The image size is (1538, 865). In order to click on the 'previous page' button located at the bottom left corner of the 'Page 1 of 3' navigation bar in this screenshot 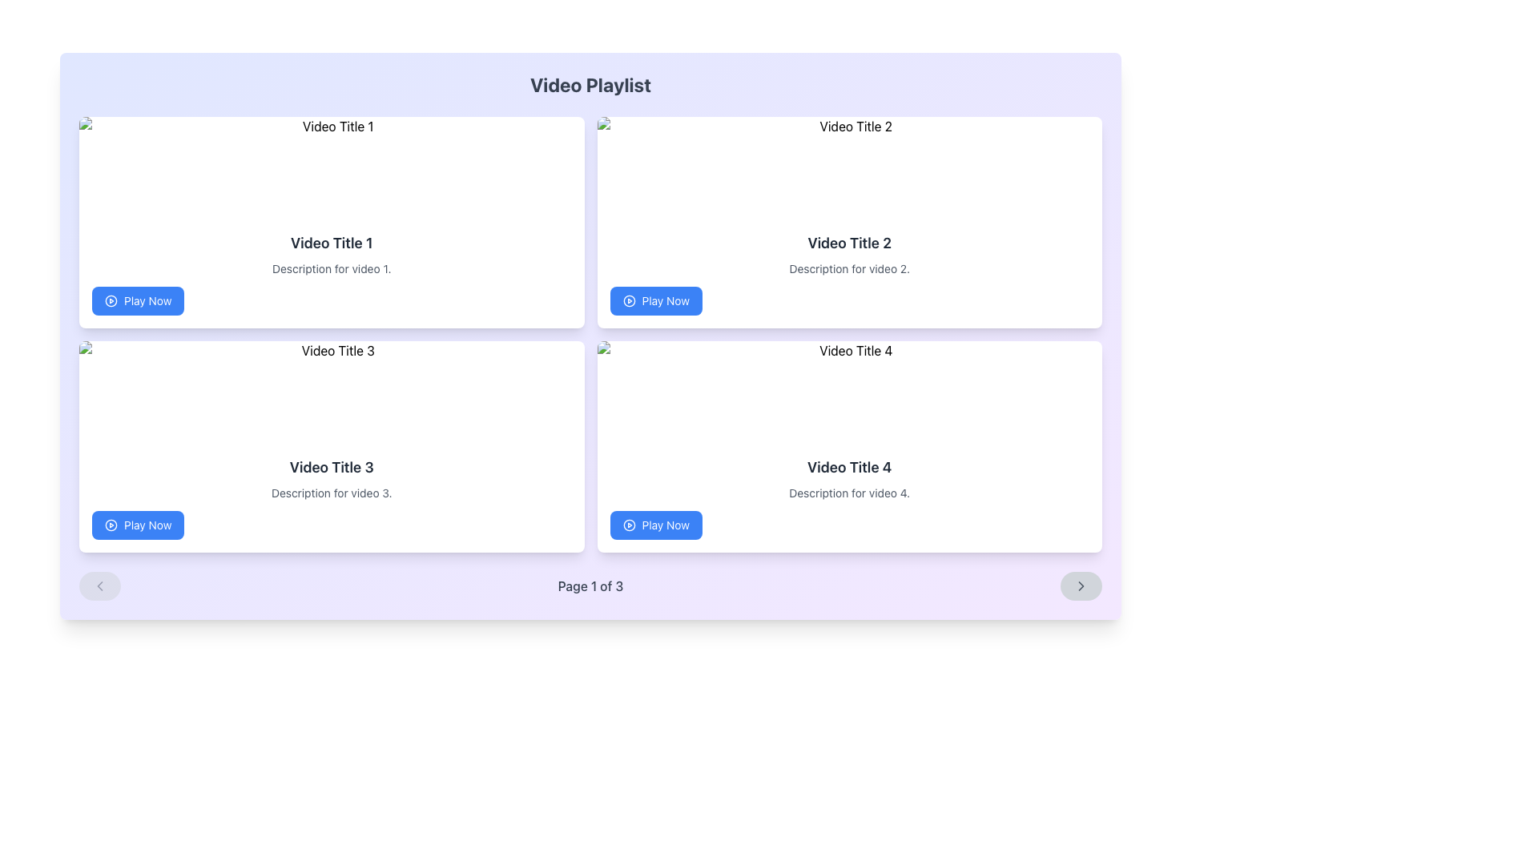, I will do `click(99, 586)`.